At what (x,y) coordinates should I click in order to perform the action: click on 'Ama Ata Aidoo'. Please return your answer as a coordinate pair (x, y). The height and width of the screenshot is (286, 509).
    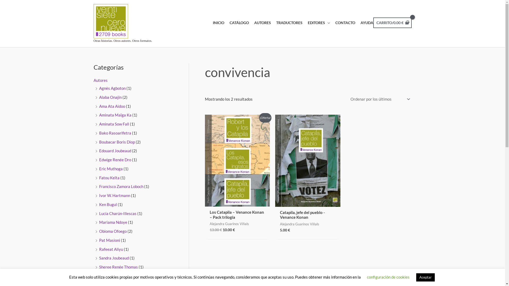
    Looking at the image, I should click on (112, 106).